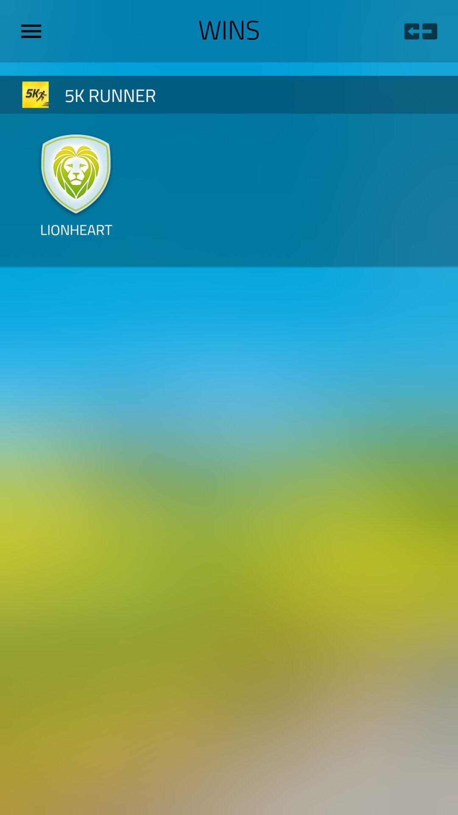 This screenshot has height=815, width=458. What do you see at coordinates (35, 95) in the screenshot?
I see `the icon to the left of the 5k runner icon` at bounding box center [35, 95].